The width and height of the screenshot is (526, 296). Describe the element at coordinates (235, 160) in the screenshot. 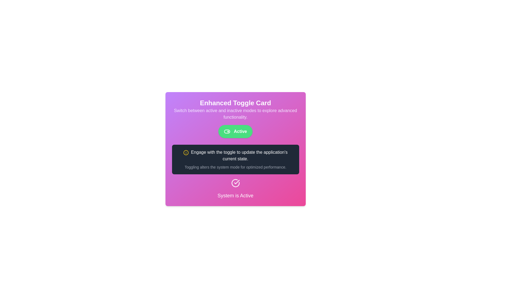

I see `the Text Panel providing instructions about toggling the system's state, located below the green 'Active' status indicator in the 'Enhanced Toggle Card'` at that location.